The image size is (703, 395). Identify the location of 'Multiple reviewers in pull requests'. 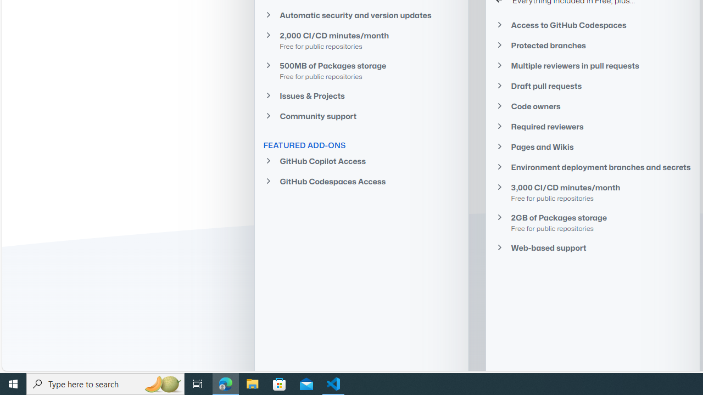
(592, 65).